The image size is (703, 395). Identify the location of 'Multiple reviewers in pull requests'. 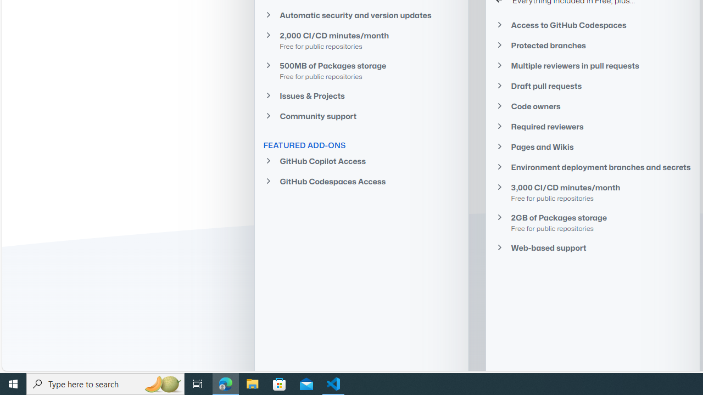
(592, 65).